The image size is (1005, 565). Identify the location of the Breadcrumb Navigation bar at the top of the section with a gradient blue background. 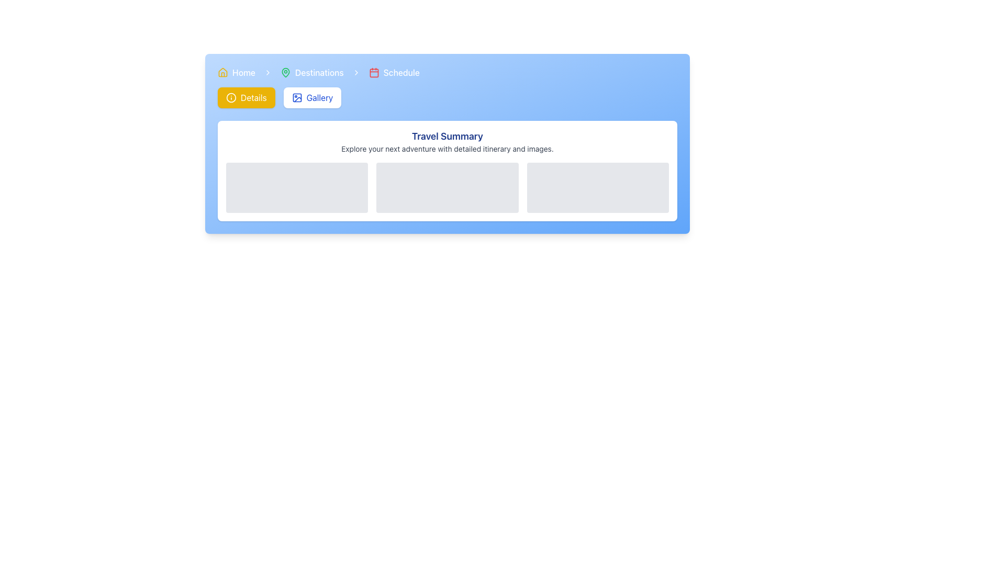
(447, 72).